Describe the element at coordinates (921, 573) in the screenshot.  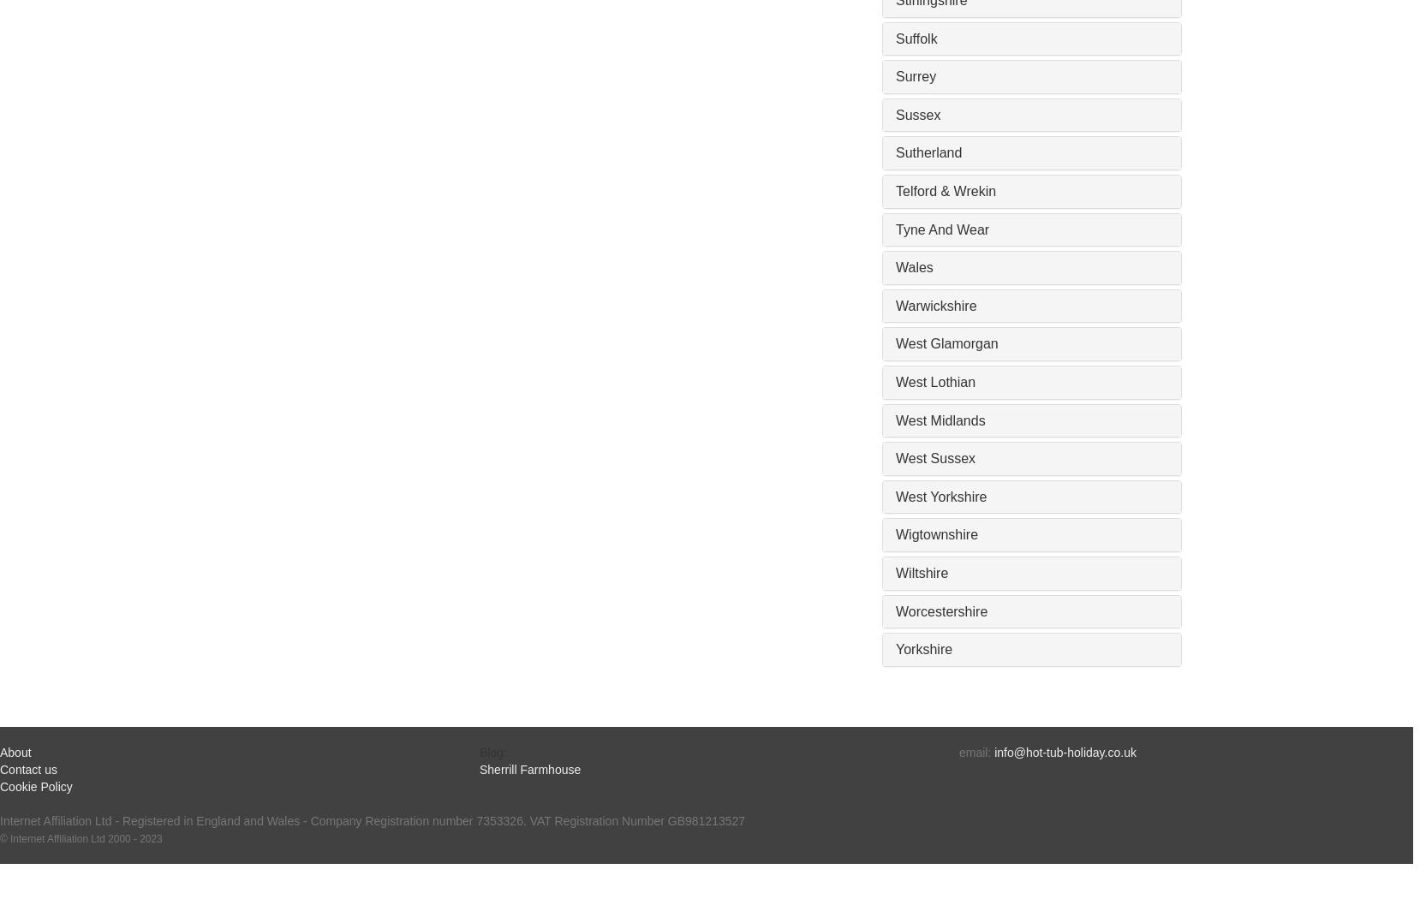
I see `'Wiltshire'` at that location.